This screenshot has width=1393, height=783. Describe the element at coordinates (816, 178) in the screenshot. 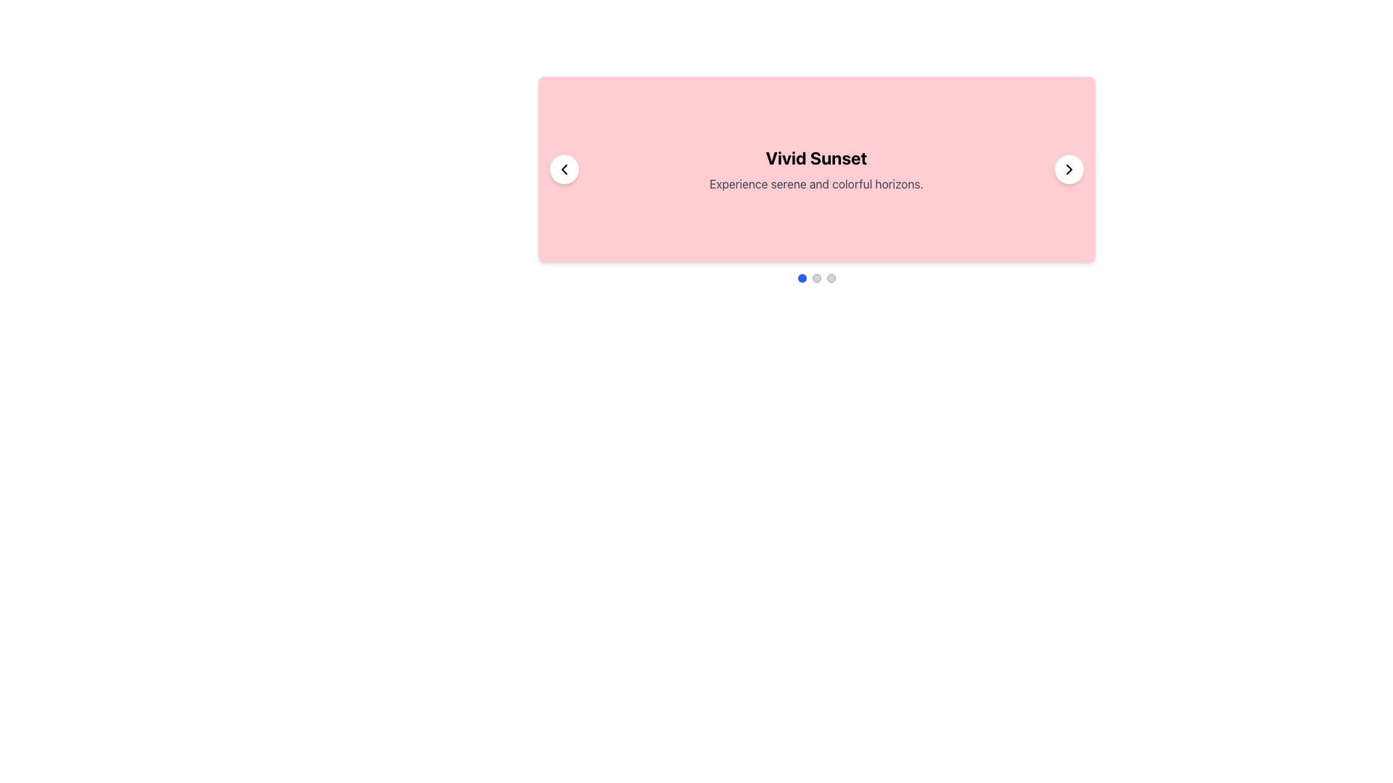

I see `displayed text in the centered text block titled 'Vivid Sunset' with the subtitle 'Experience serene and colorful horizons.'` at that location.